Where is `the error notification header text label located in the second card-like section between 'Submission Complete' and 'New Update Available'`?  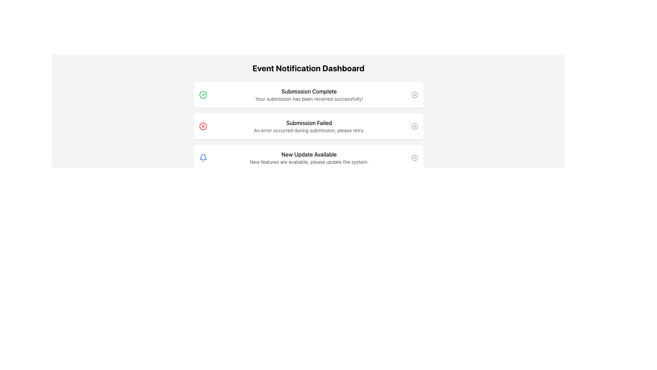 the error notification header text label located in the second card-like section between 'Submission Complete' and 'New Update Available' is located at coordinates (309, 122).